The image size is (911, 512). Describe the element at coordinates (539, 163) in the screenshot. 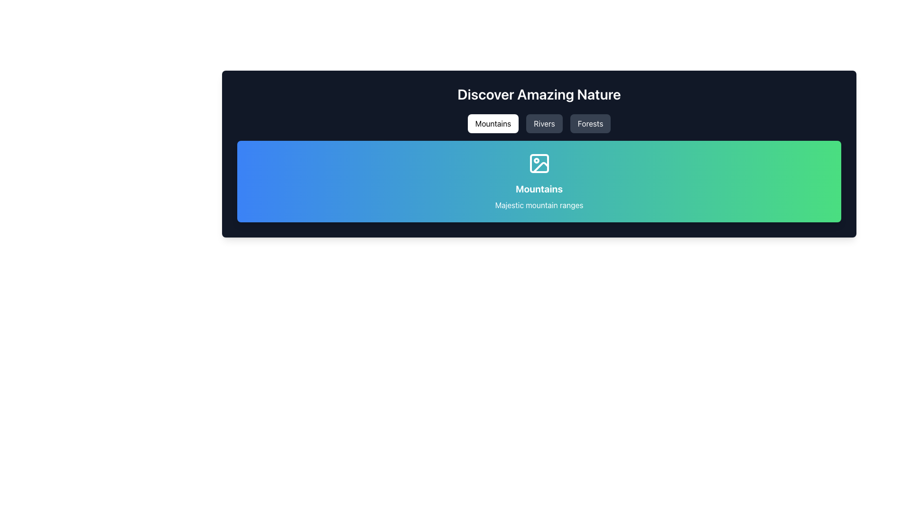

I see `the decorative mountain icon located in the blue-to-green gradient background section labeled 'Mountains' with the subtitle 'Majestic mountain ranges' below it` at that location.